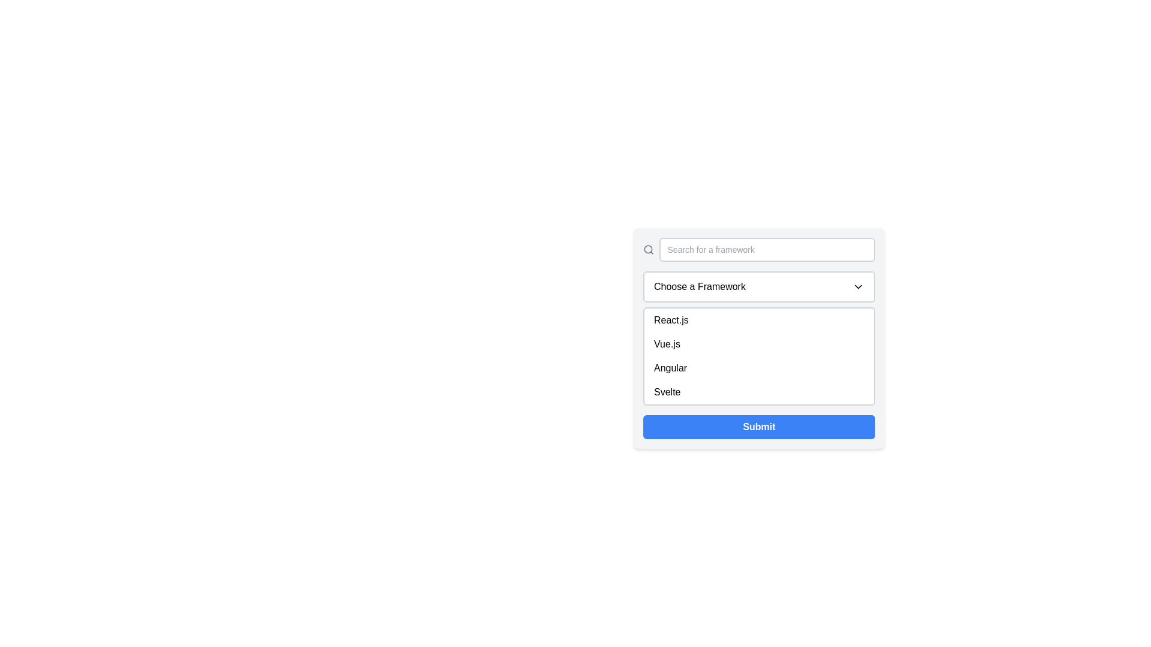 Image resolution: width=1151 pixels, height=647 pixels. I want to click on the magnifying glass icon, which is styled with a thin outline and rounded edges, located to the far left of the search input field labeled 'Search for a framework', so click(648, 249).